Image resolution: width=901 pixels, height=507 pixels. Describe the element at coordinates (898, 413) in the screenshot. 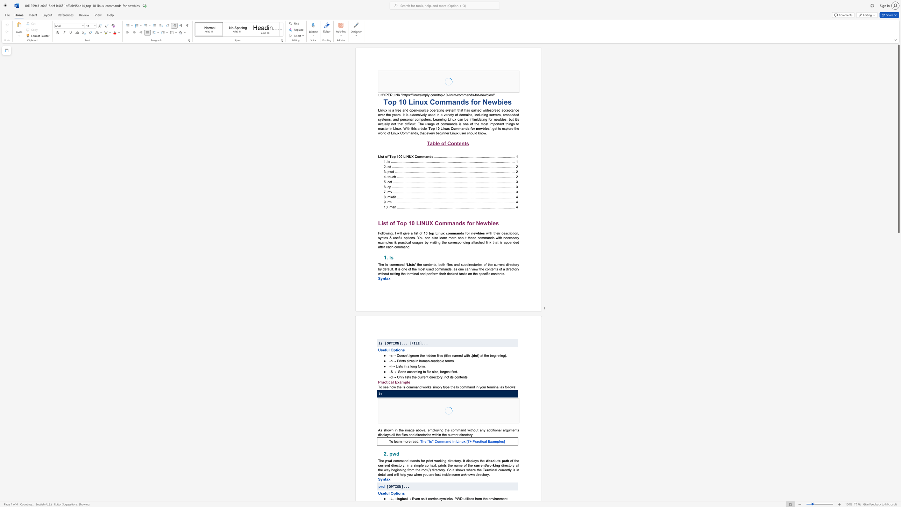

I see `the scrollbar to move the page downward` at that location.